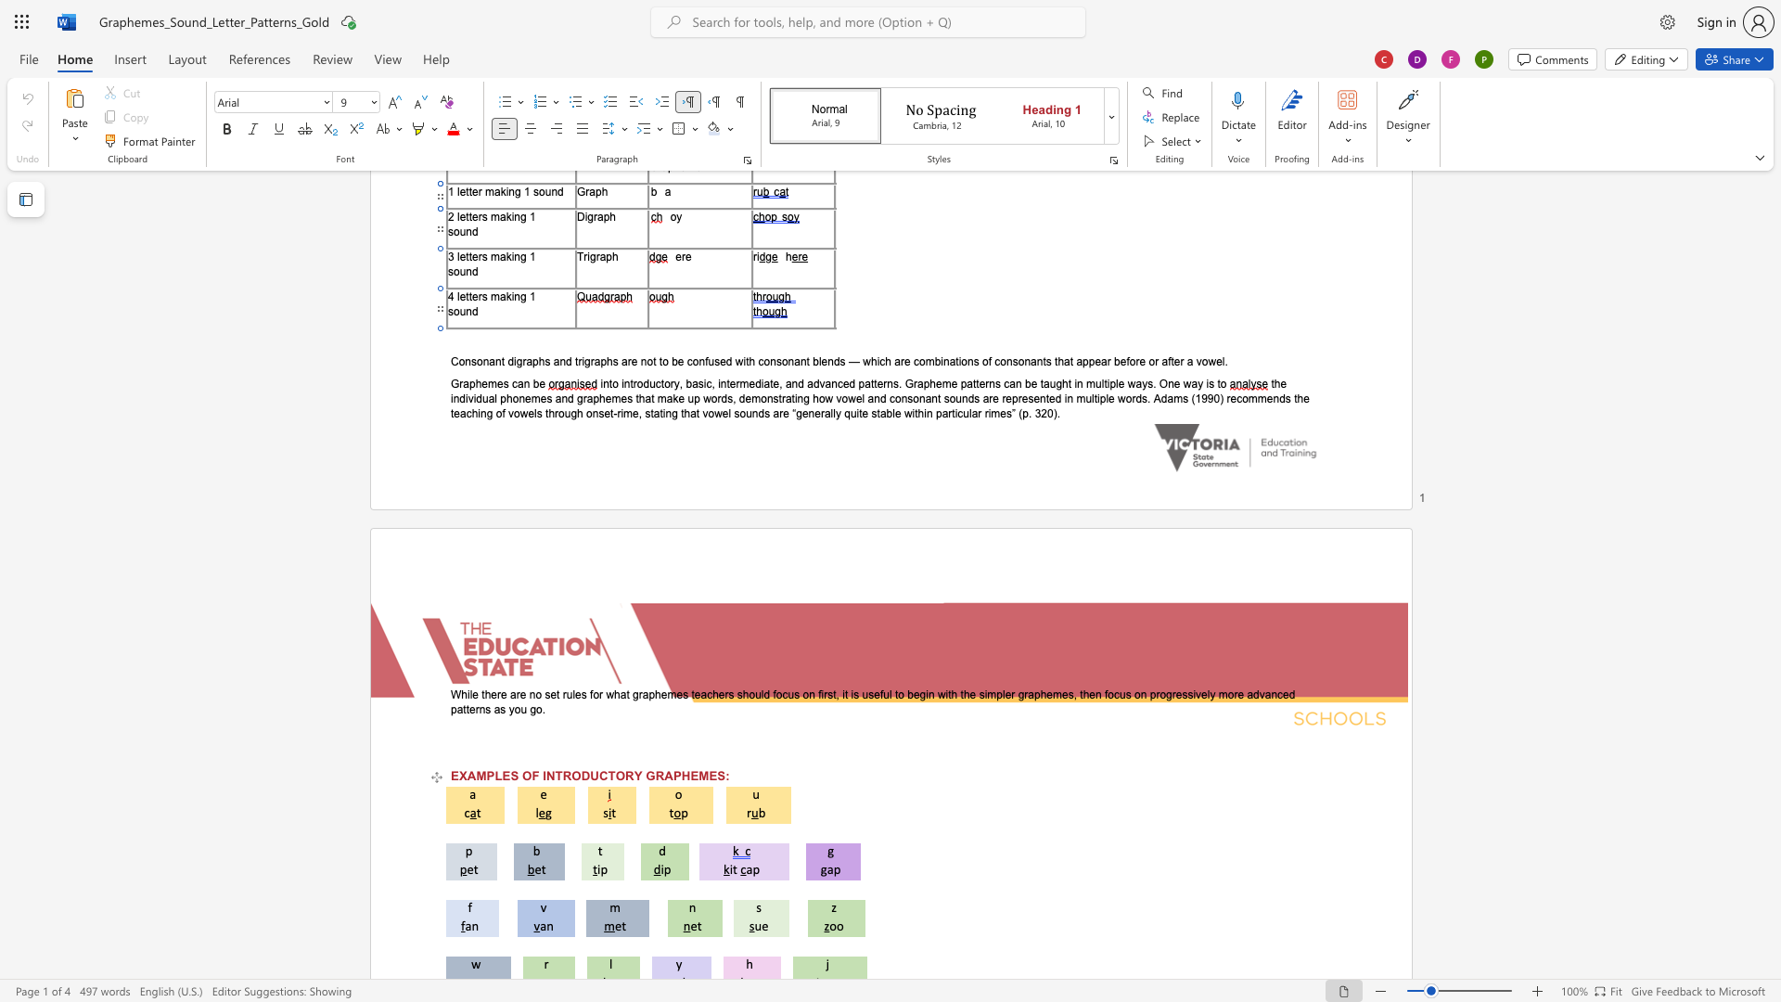  What do you see at coordinates (880, 694) in the screenshot?
I see `the 4th character "f" in the text` at bounding box center [880, 694].